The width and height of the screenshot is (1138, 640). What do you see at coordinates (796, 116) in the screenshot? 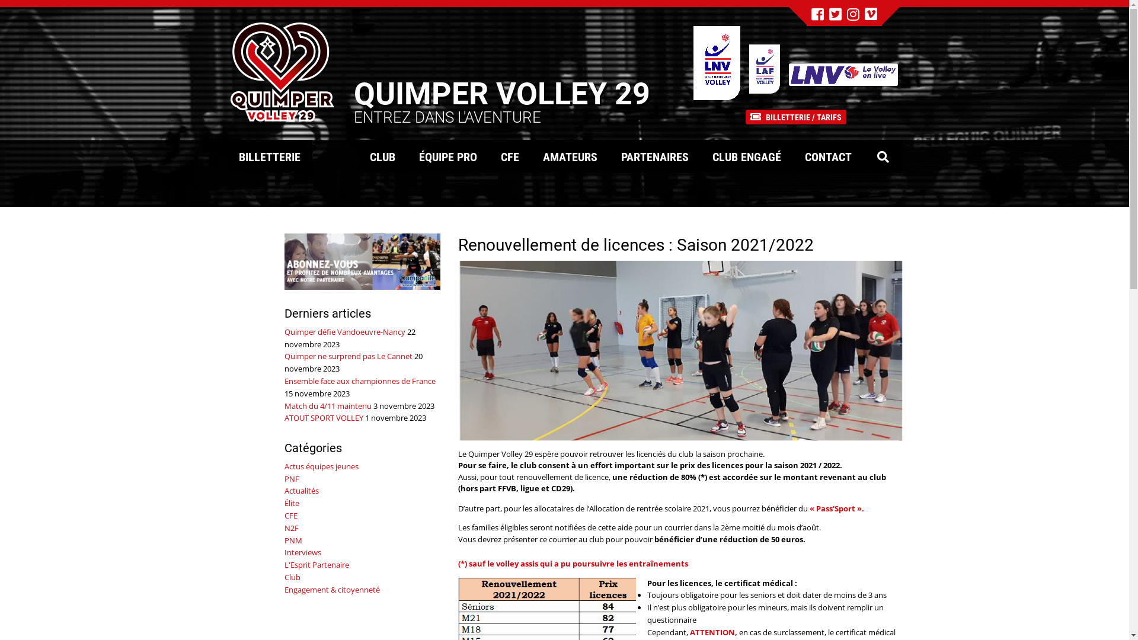
I see `'BILLETTERIE / TARIFS'` at bounding box center [796, 116].